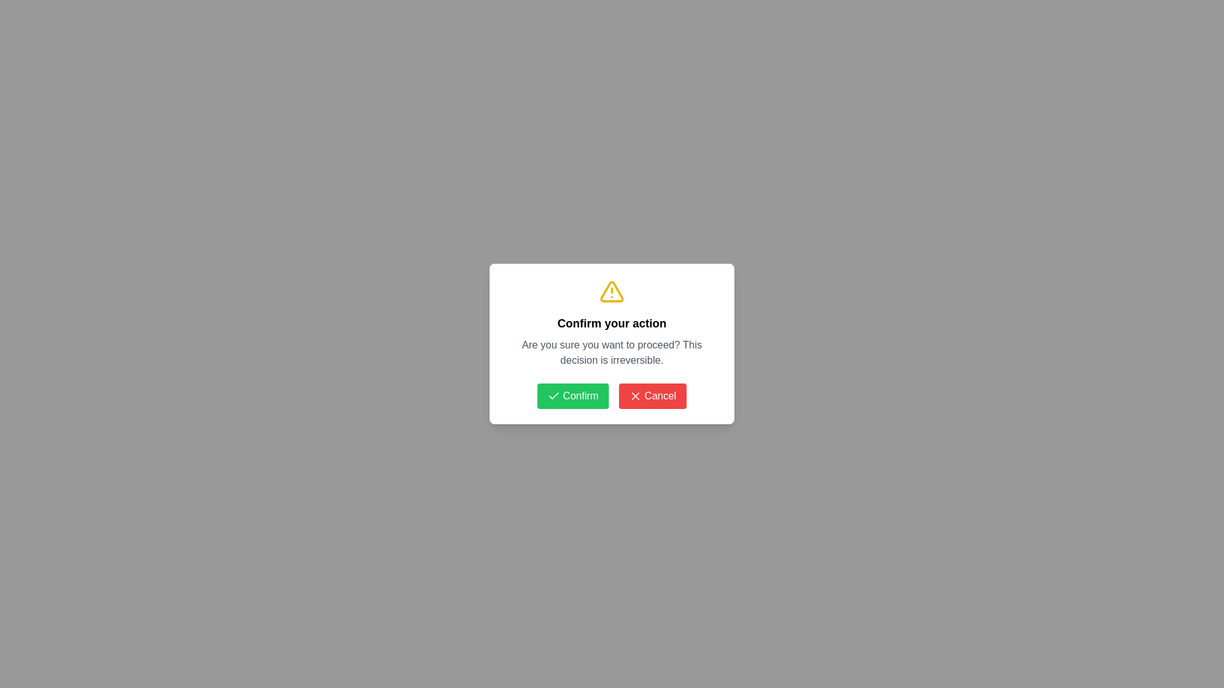 The width and height of the screenshot is (1224, 688). Describe the element at coordinates (612, 292) in the screenshot. I see `the alert icon located centrally within the confirmation modal, positioned above the title text 'Confirm your action'` at that location.